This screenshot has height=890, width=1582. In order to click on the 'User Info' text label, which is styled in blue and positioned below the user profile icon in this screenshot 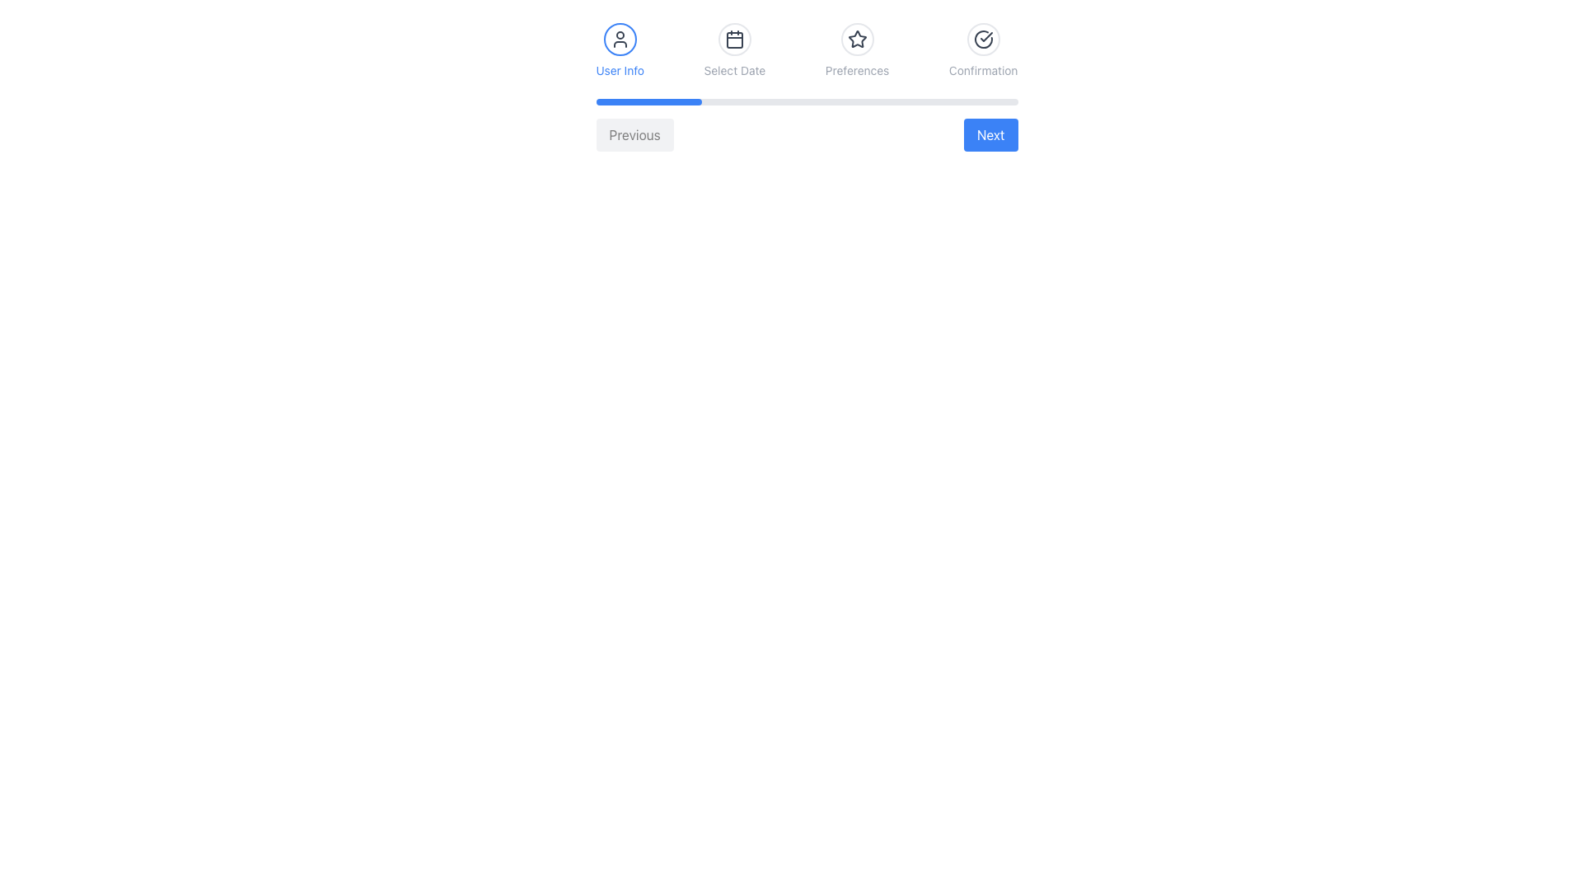, I will do `click(619, 69)`.